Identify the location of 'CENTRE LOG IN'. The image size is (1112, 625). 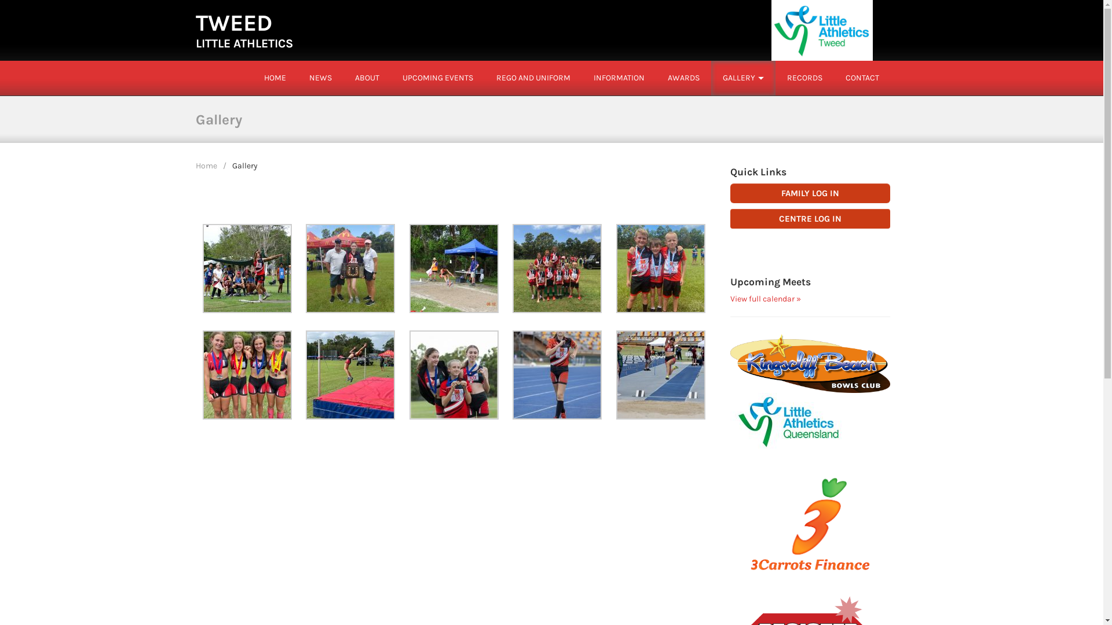
(730, 219).